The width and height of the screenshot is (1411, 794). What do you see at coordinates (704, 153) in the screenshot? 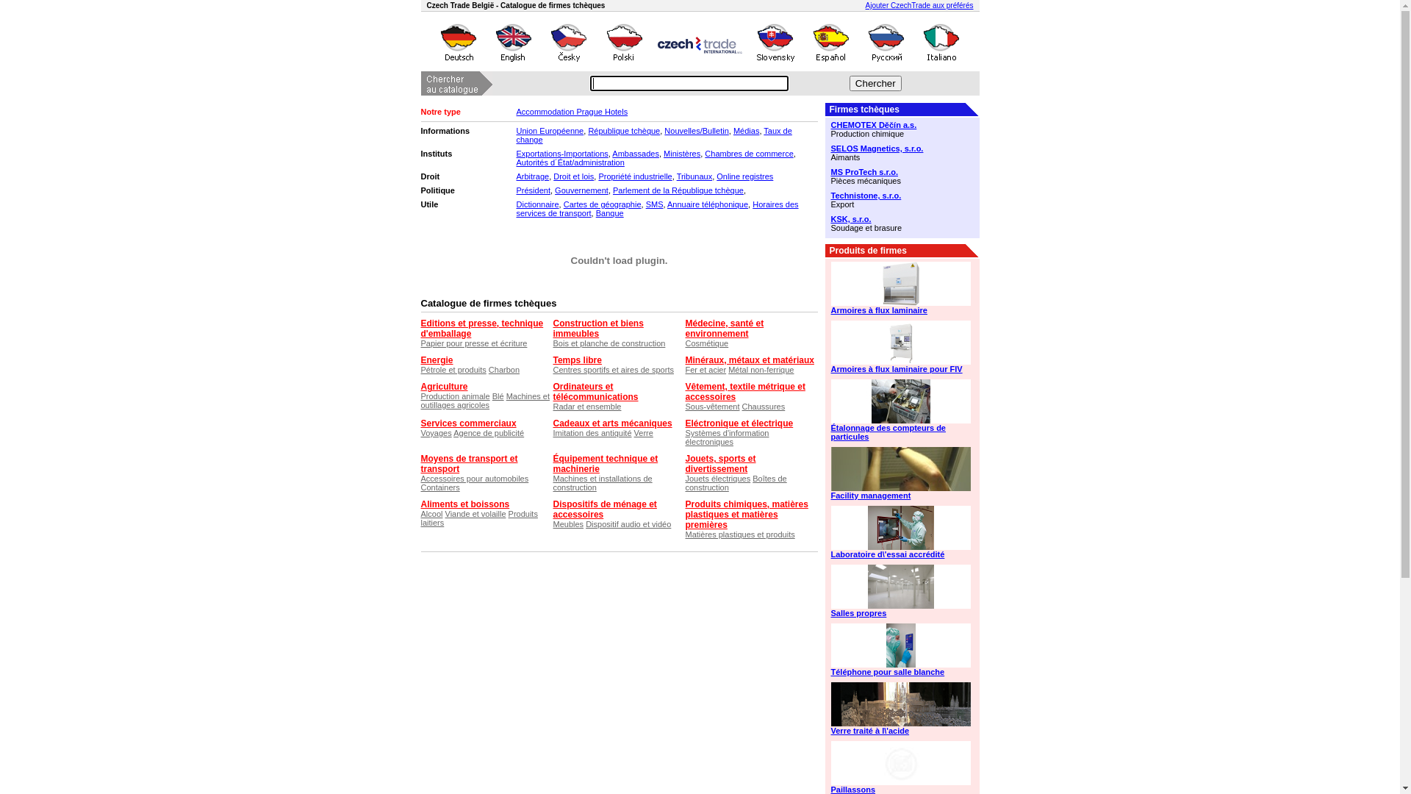
I see `'Chambres de commerce'` at bounding box center [704, 153].